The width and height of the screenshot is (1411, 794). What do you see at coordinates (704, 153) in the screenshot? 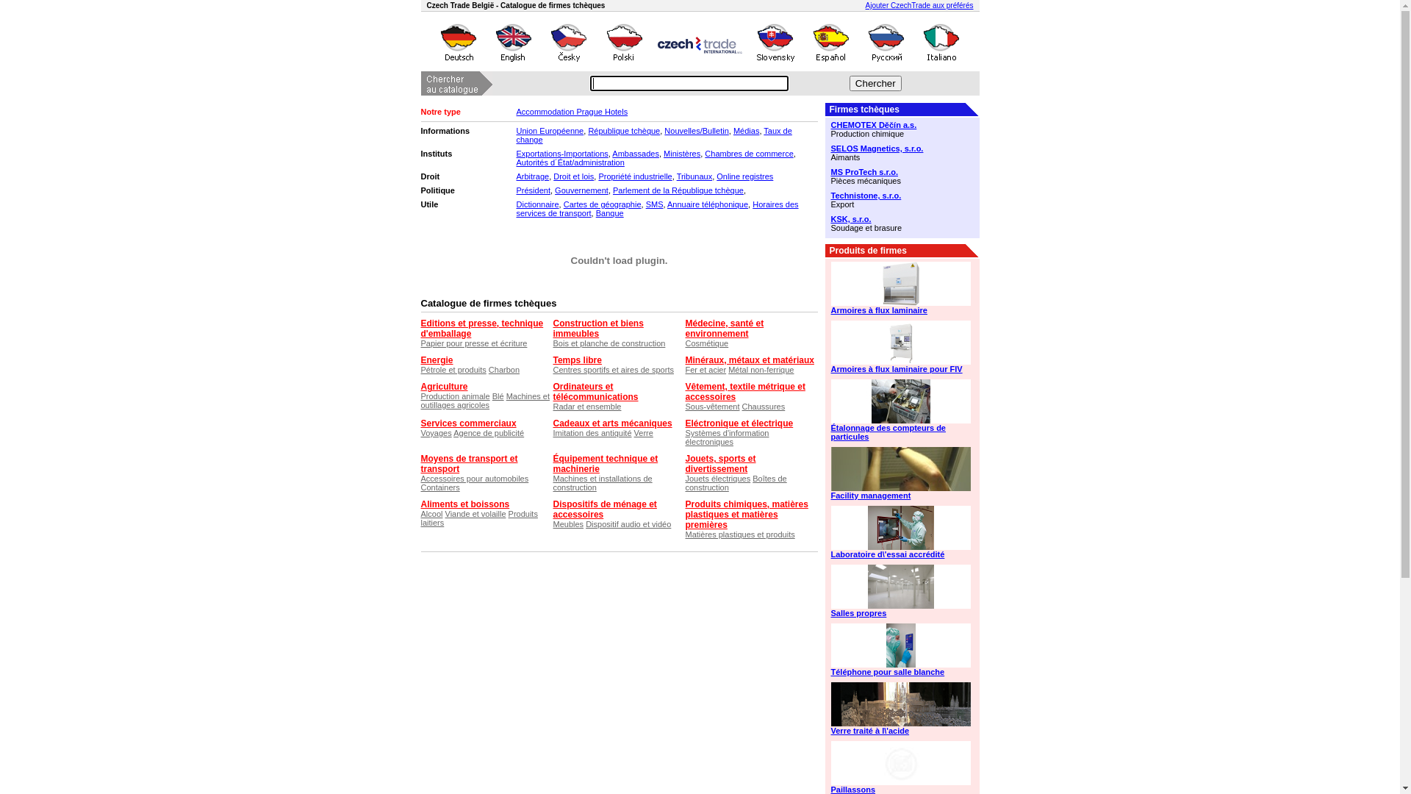
I see `'Chambres de commerce'` at bounding box center [704, 153].